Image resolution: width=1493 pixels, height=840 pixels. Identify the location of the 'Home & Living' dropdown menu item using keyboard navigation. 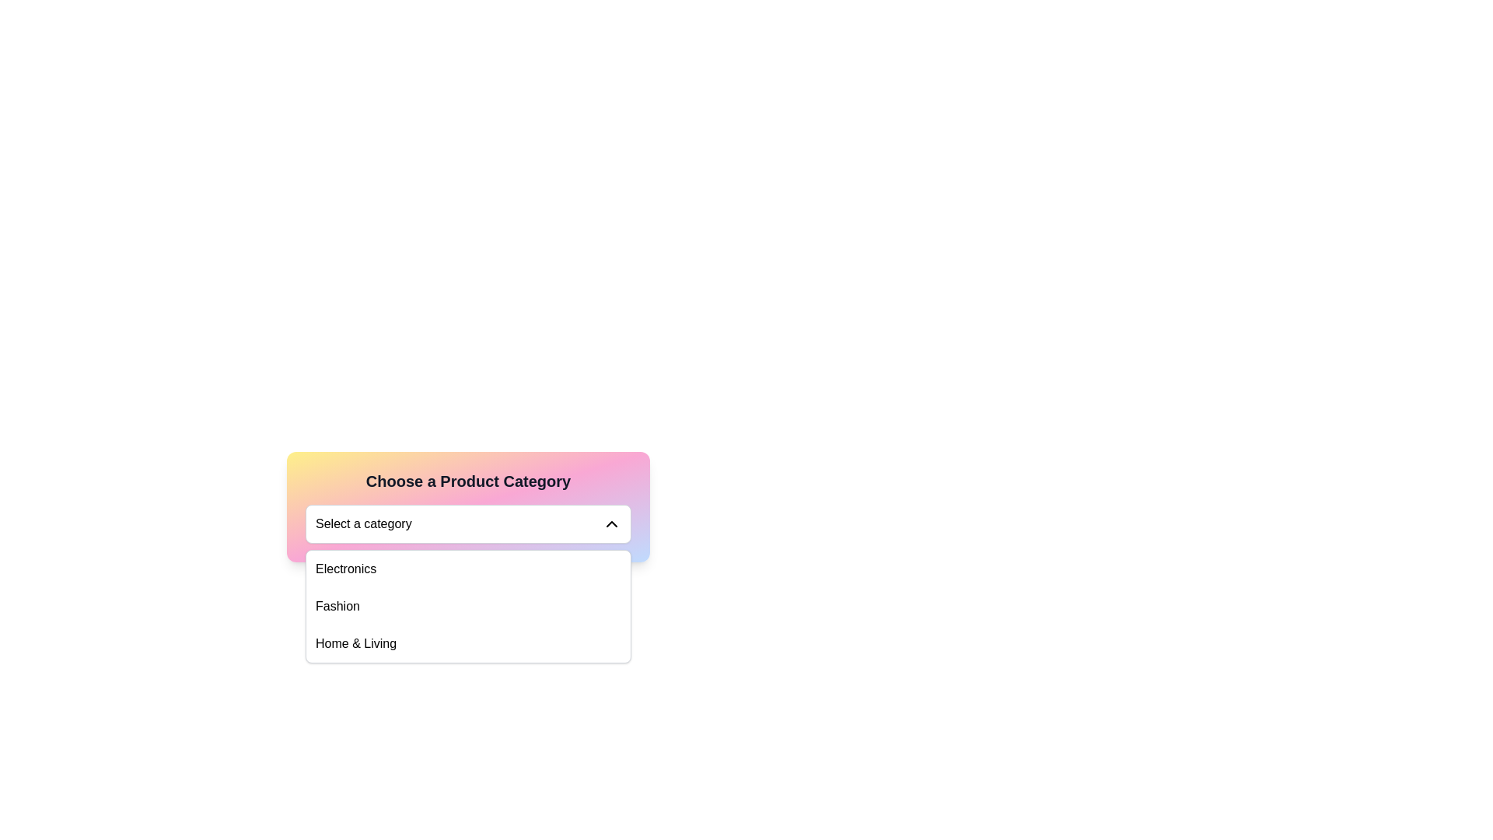
(467, 644).